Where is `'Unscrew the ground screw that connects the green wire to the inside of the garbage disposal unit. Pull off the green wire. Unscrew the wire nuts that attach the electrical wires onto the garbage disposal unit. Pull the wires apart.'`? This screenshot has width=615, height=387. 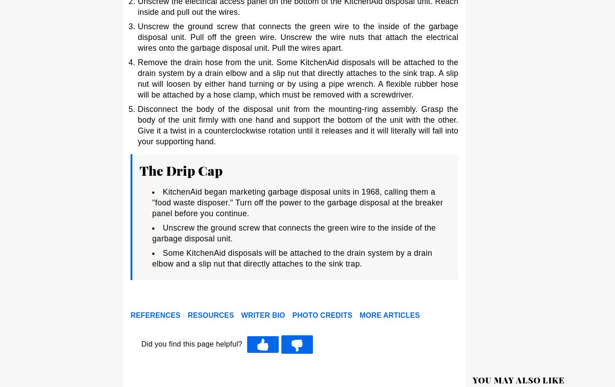
'Unscrew the ground screw that connects the green wire to the inside of the garbage disposal unit. Pull off the green wire. Unscrew the wire nuts that attach the electrical wires onto the garbage disposal unit. Pull the wires apart.' is located at coordinates (297, 37).